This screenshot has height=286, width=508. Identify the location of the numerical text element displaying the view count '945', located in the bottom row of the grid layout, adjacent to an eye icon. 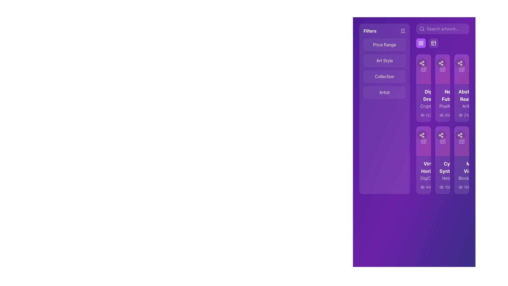
(427, 187).